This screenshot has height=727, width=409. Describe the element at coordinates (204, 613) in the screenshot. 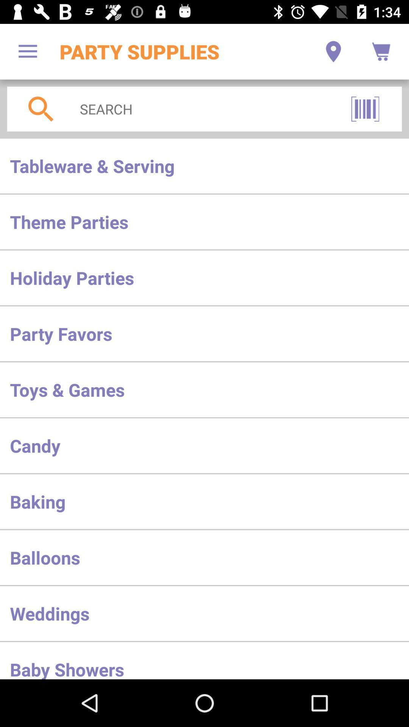

I see `the weddings` at that location.